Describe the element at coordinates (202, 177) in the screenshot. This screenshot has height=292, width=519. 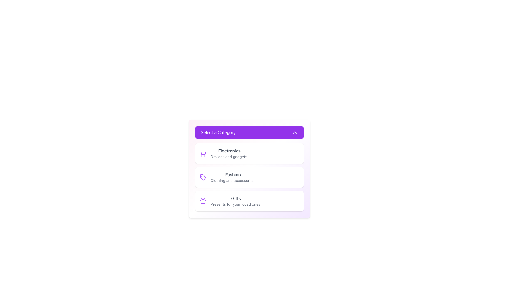
I see `the purple tag icon located to the left of the 'Fashion' text in the 'Select a Category' dropdown menu` at that location.